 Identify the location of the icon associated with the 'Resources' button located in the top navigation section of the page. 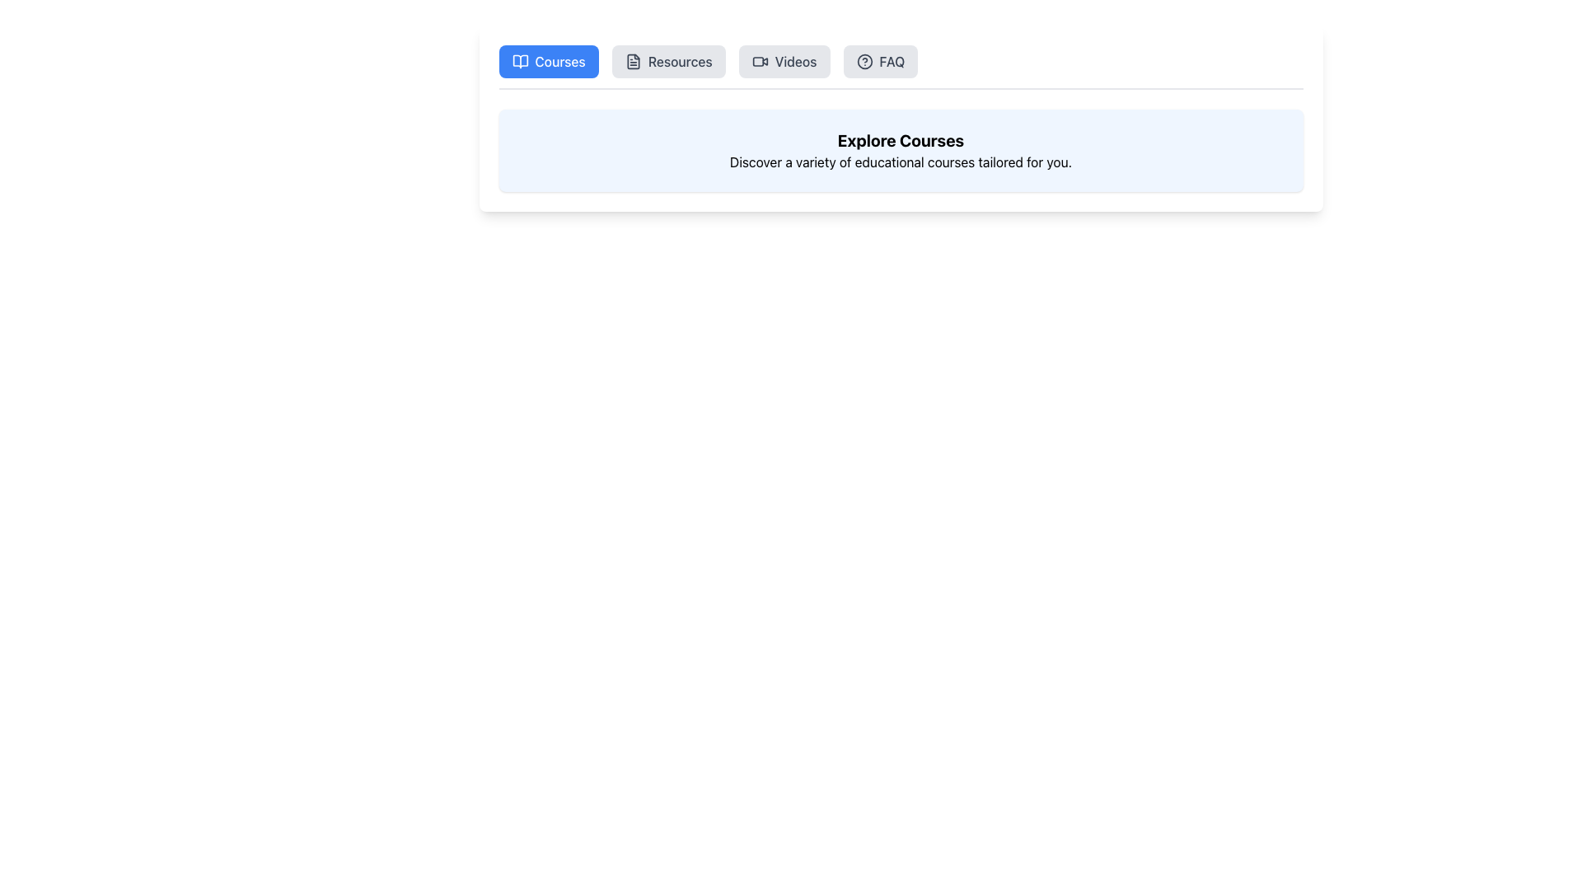
(632, 60).